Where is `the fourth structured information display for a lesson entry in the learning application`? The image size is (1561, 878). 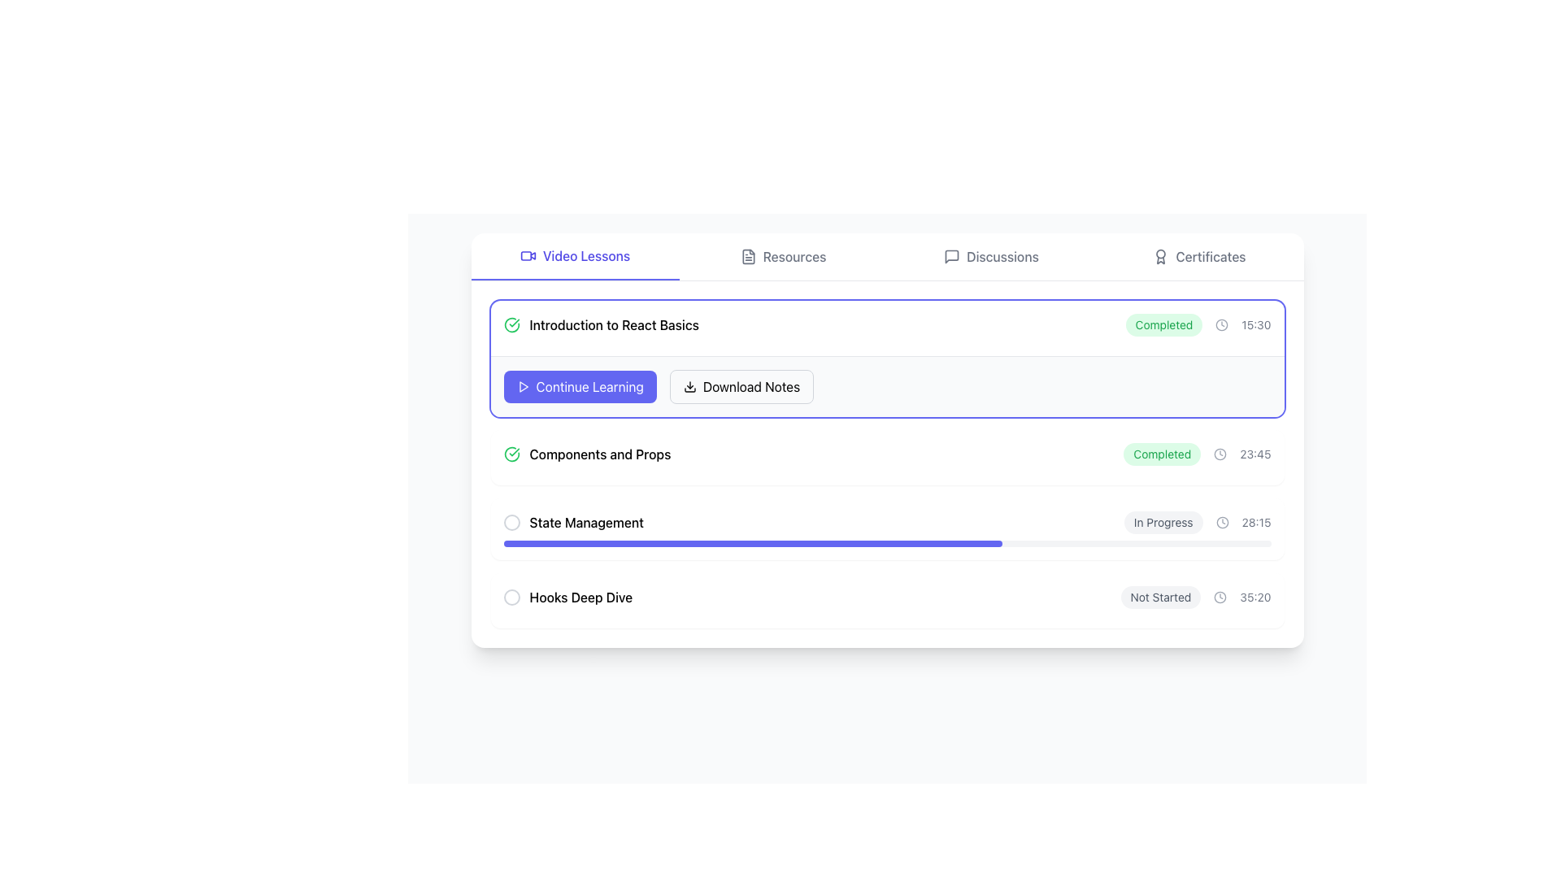 the fourth structured information display for a lesson entry in the learning application is located at coordinates (886, 601).